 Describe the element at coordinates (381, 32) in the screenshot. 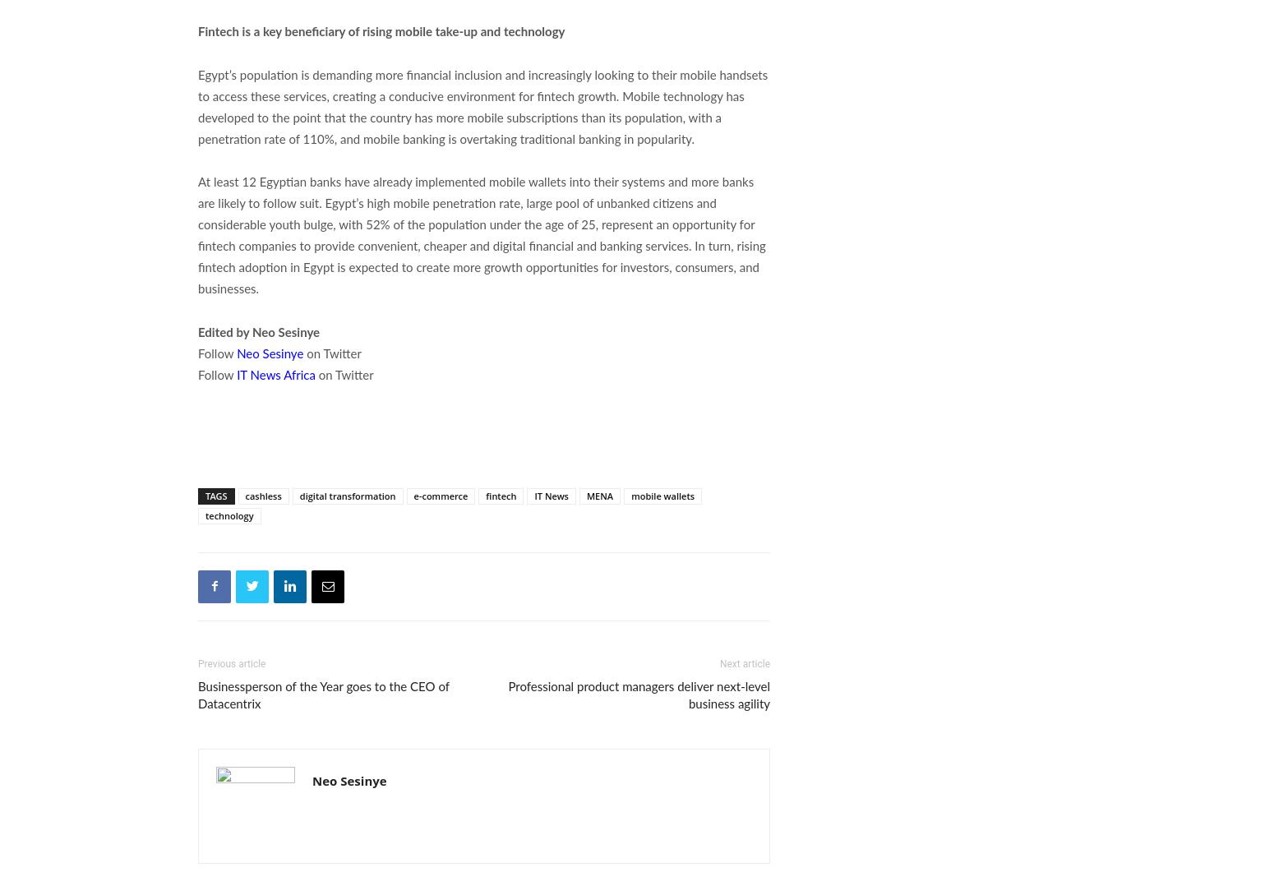

I see `'Fintech is a key beneficiary of rising mobile take-up and technology'` at that location.